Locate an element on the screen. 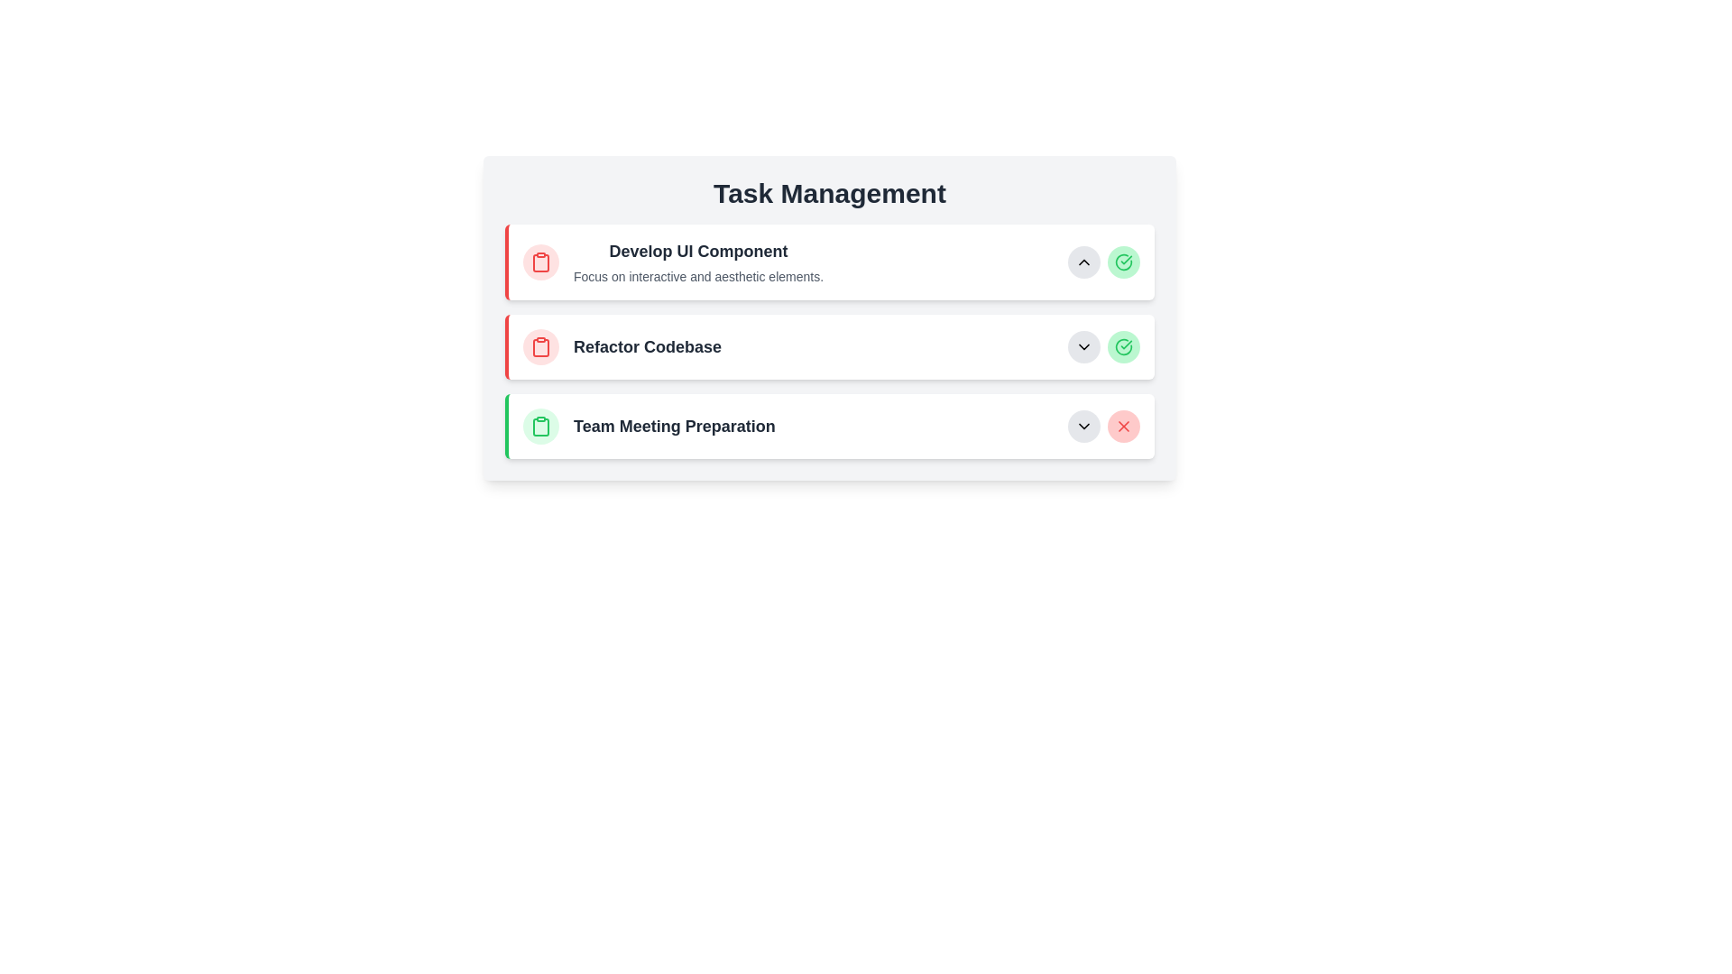 The height and width of the screenshot is (974, 1732). the first list item under the 'Task Management' section, which features a red-bordered clipboard icon and the text 'Develop UI Component' in bold is located at coordinates (672, 262).